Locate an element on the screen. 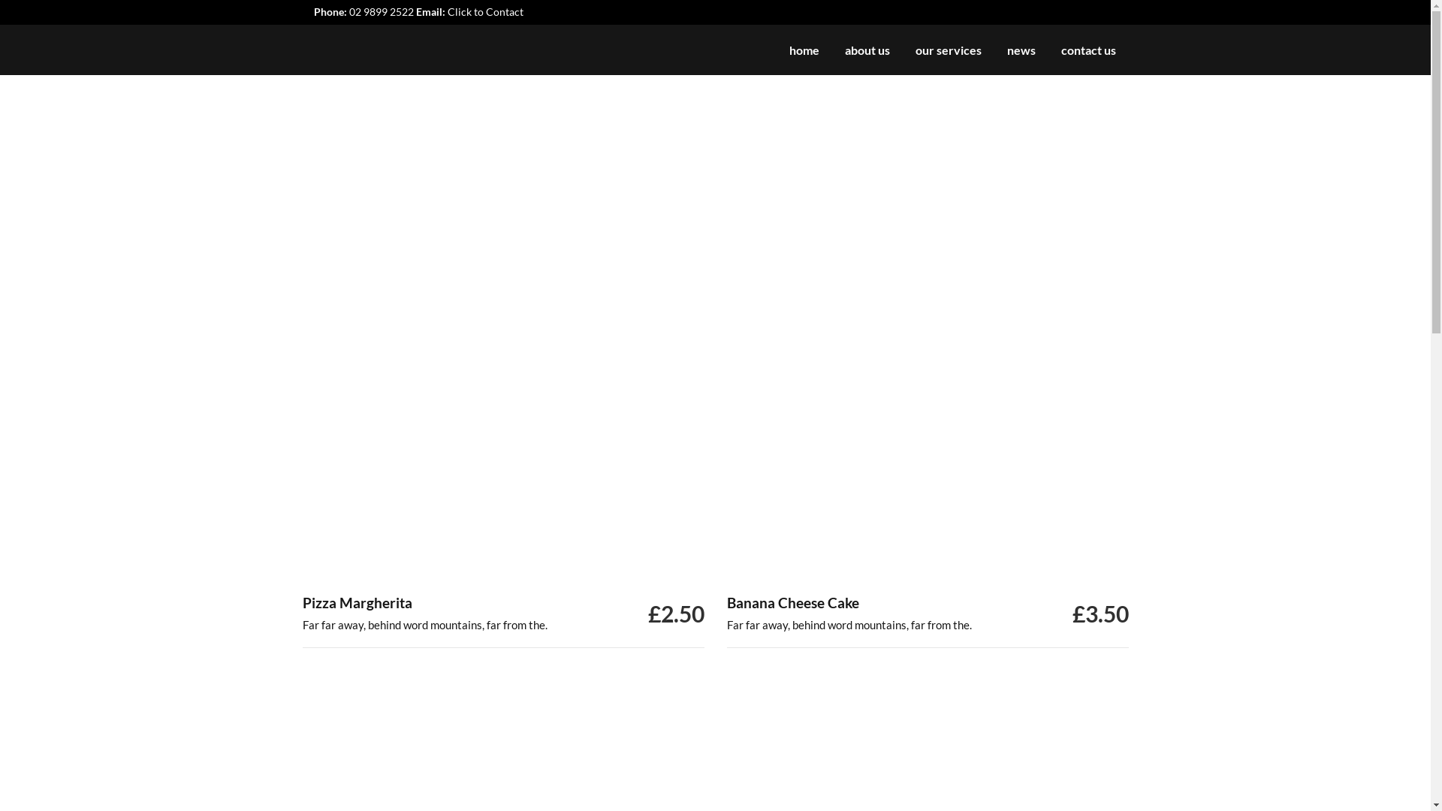  'about us' is located at coordinates (867, 49).